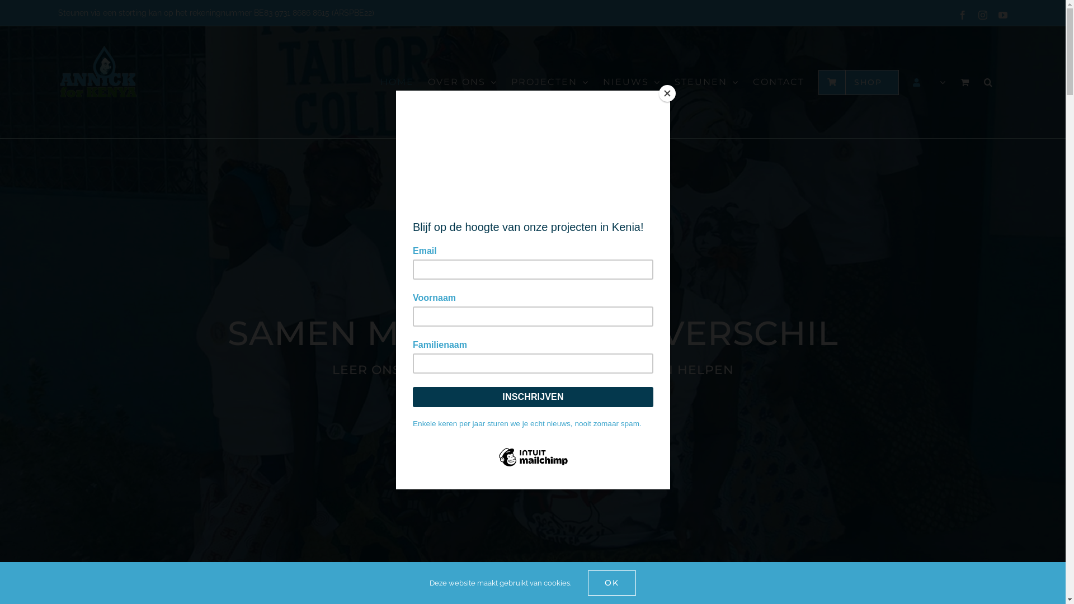  I want to click on 'Zoeken', so click(983, 81).